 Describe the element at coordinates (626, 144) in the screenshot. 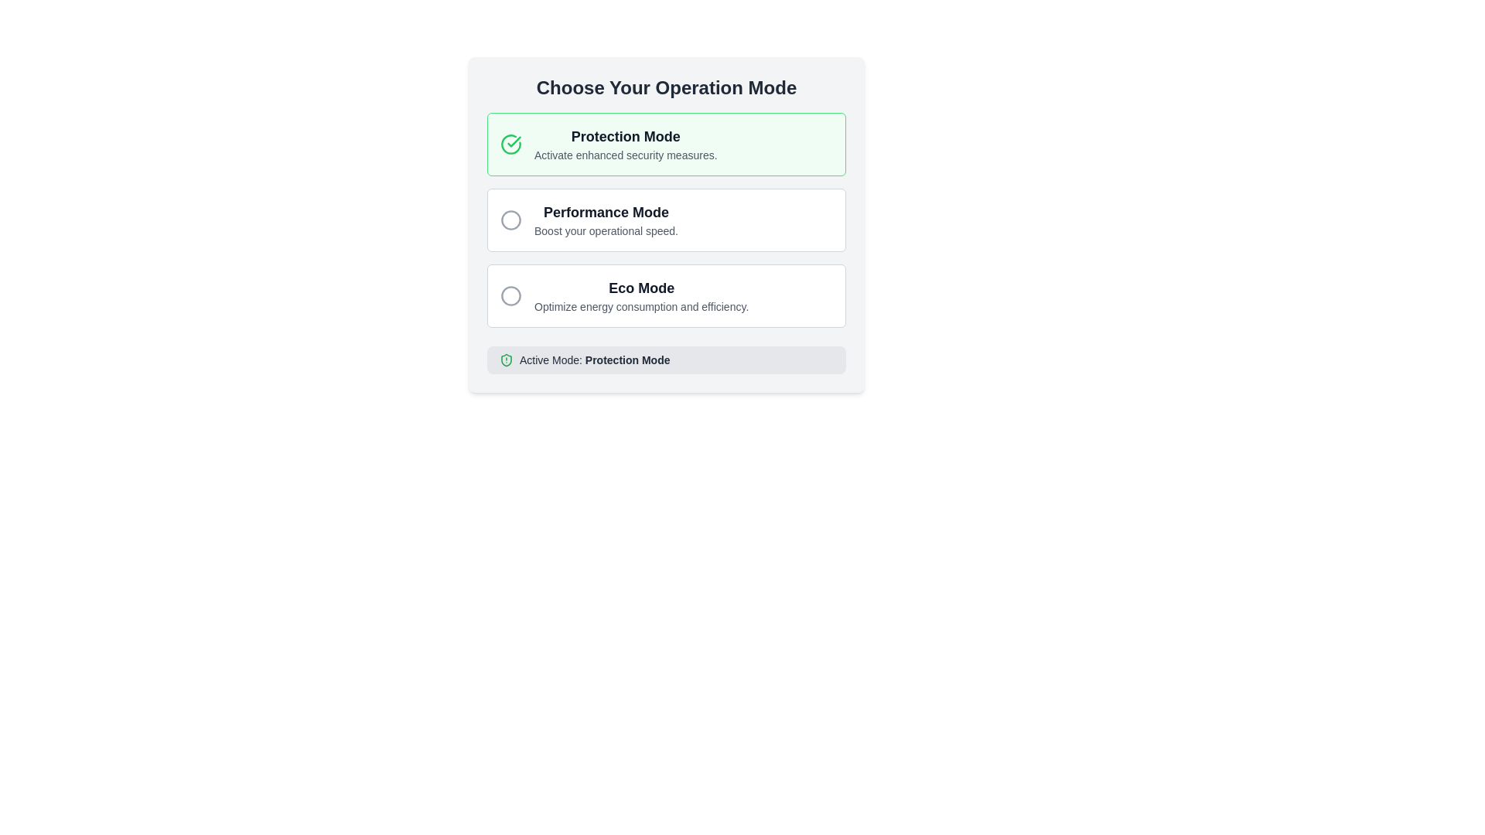

I see `the text block titled 'Protection Mode'` at that location.